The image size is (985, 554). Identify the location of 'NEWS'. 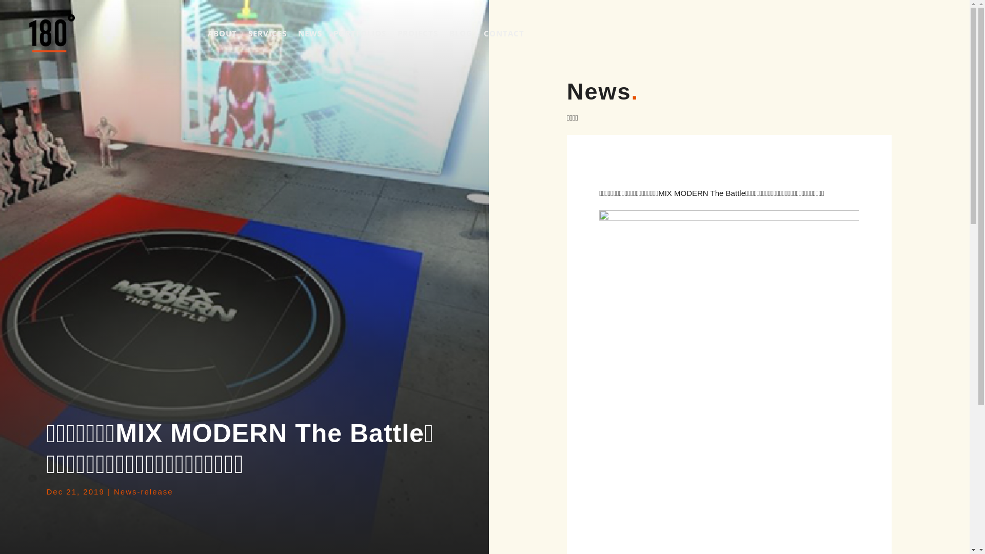
(309, 33).